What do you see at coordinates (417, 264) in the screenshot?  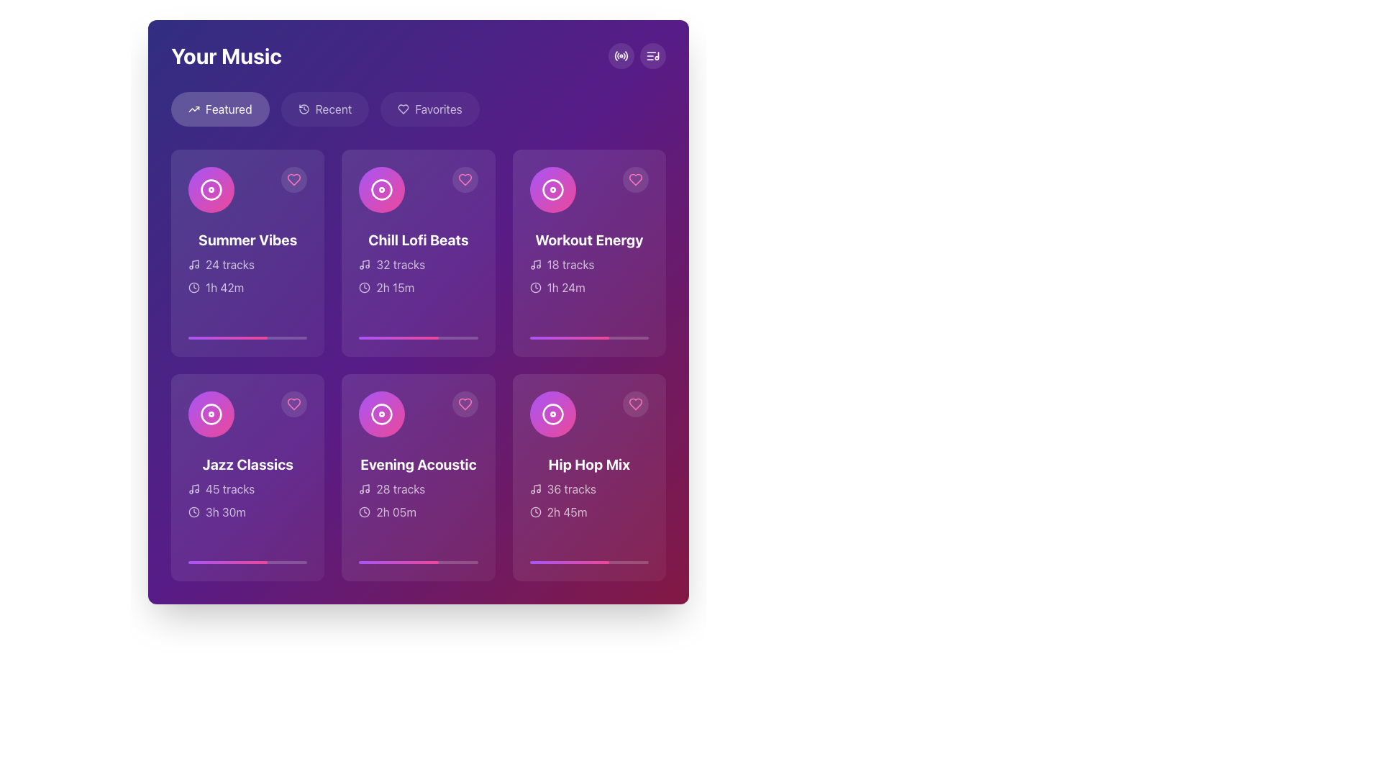 I see `the static text label that informs the user about the number of tracks available in the 'Chill Lofi Beats' playlist, located under the title in the middle column of a 3x2 grid of music cards` at bounding box center [417, 264].